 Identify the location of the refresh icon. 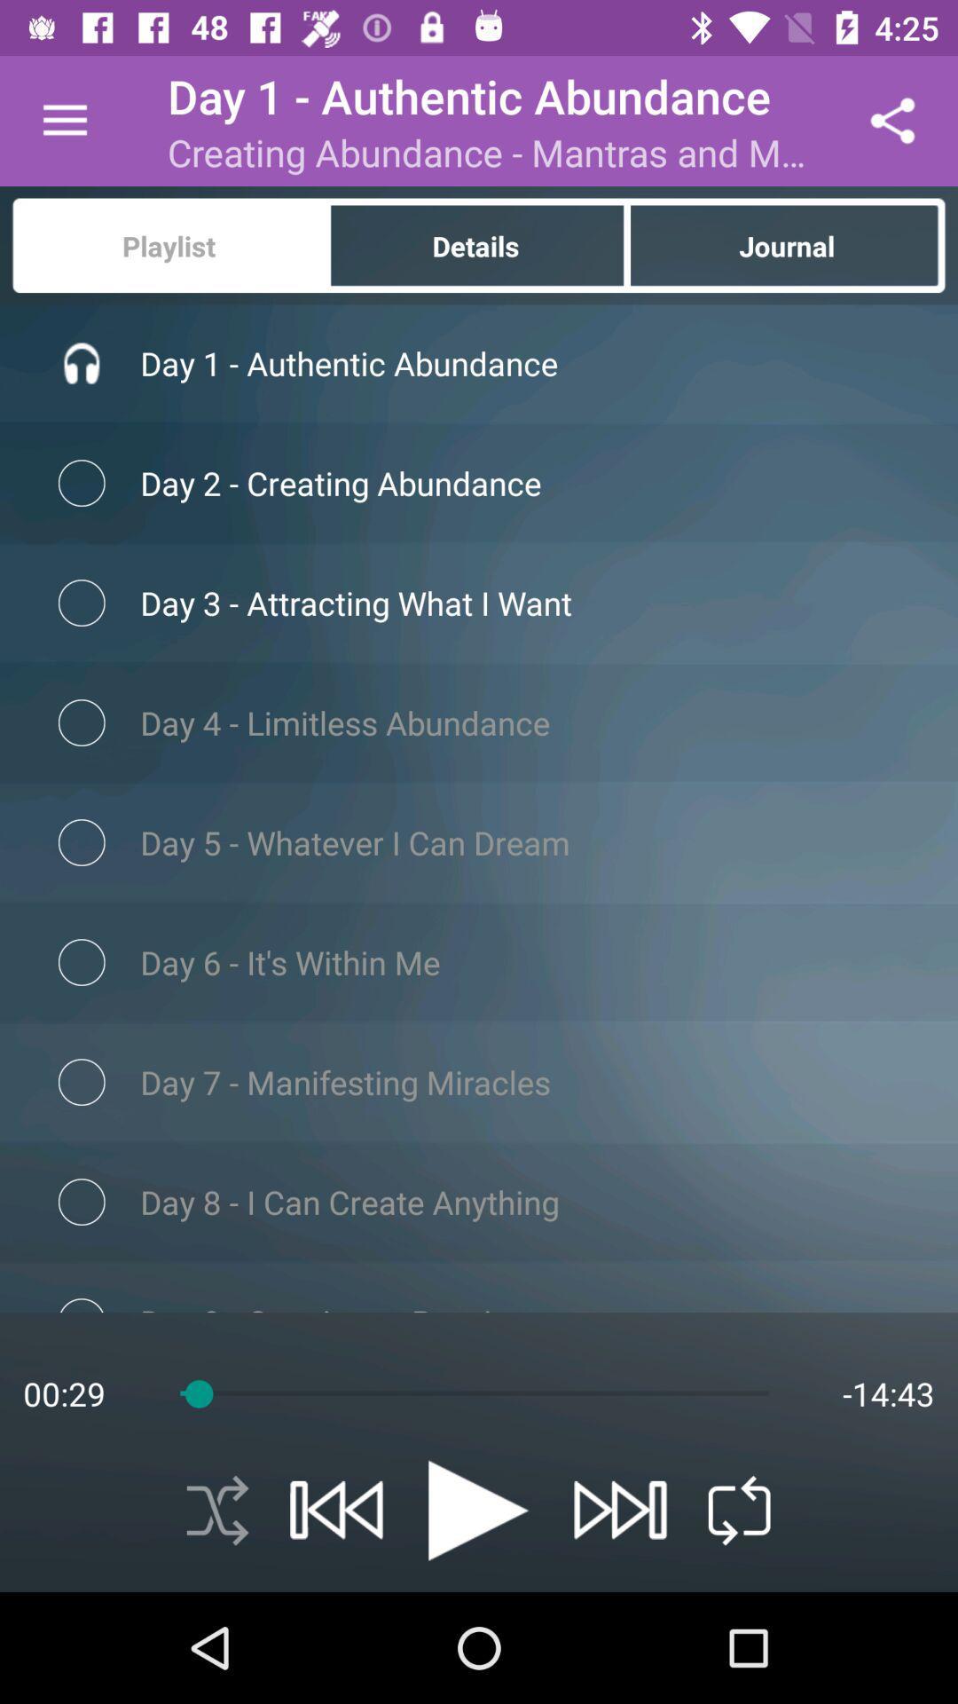
(739, 1510).